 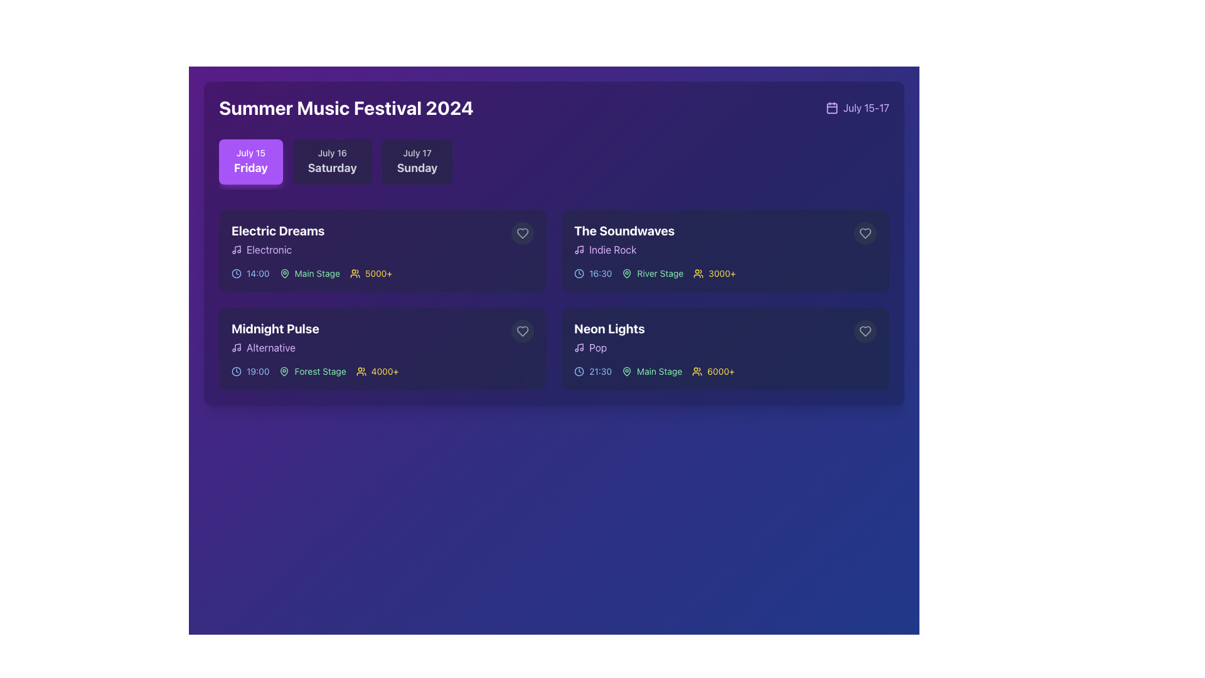 What do you see at coordinates (857, 107) in the screenshot?
I see `the text in the Text and Icon Composite that describes the event's range of dates, located at the top-right corner of the interface, adjacent to the header 'Summer Music Festival 2024'` at bounding box center [857, 107].